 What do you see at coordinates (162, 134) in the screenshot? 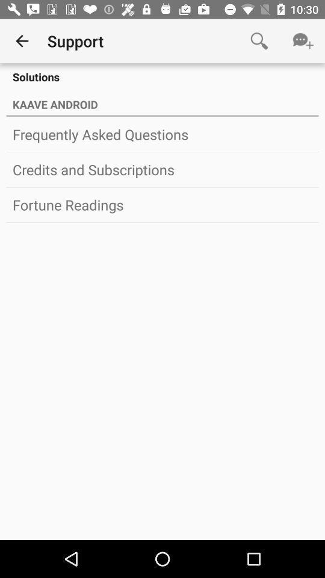
I see `frequently asked questions` at bounding box center [162, 134].